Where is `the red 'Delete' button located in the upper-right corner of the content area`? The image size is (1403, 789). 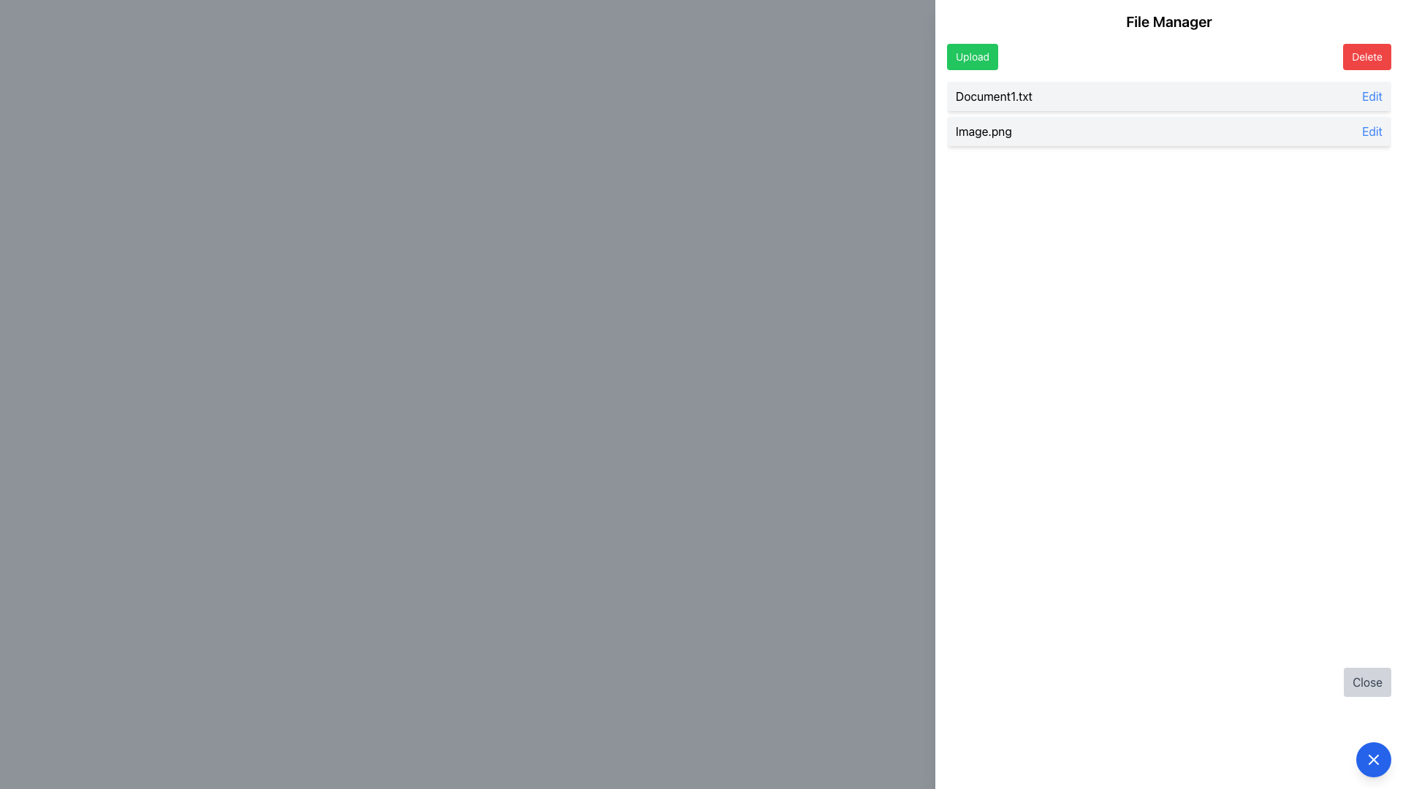
the red 'Delete' button located in the upper-right corner of the content area is located at coordinates (1366, 56).